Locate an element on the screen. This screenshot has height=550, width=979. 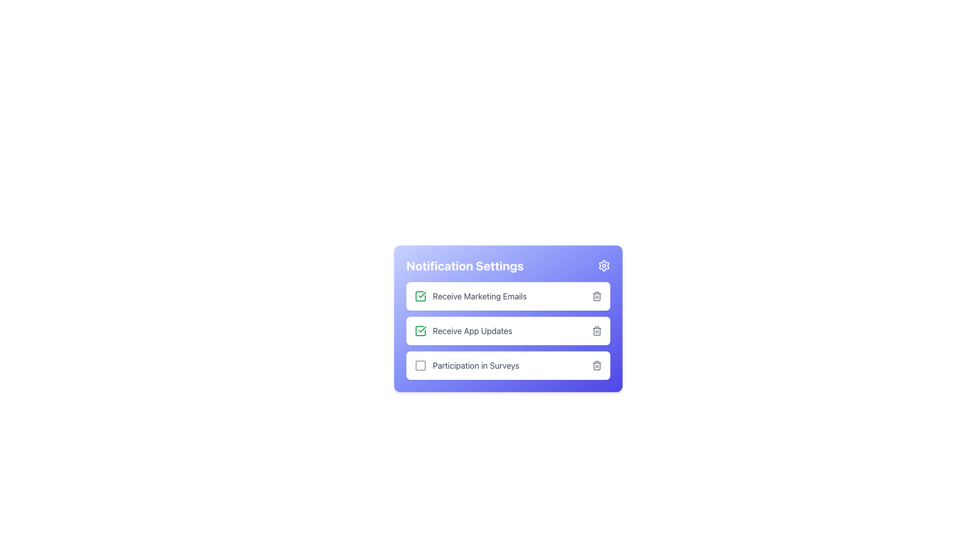
the delete icon button located at the right part of the 'Receive App Updates' row is located at coordinates (597, 331).